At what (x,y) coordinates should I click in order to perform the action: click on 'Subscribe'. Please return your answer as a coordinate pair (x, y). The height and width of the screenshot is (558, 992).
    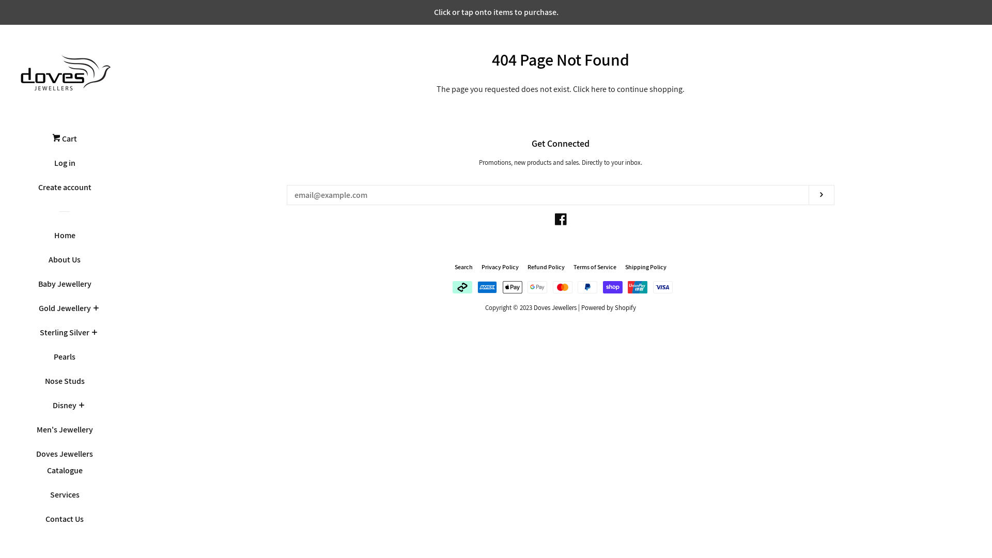
    Looking at the image, I should click on (820, 195).